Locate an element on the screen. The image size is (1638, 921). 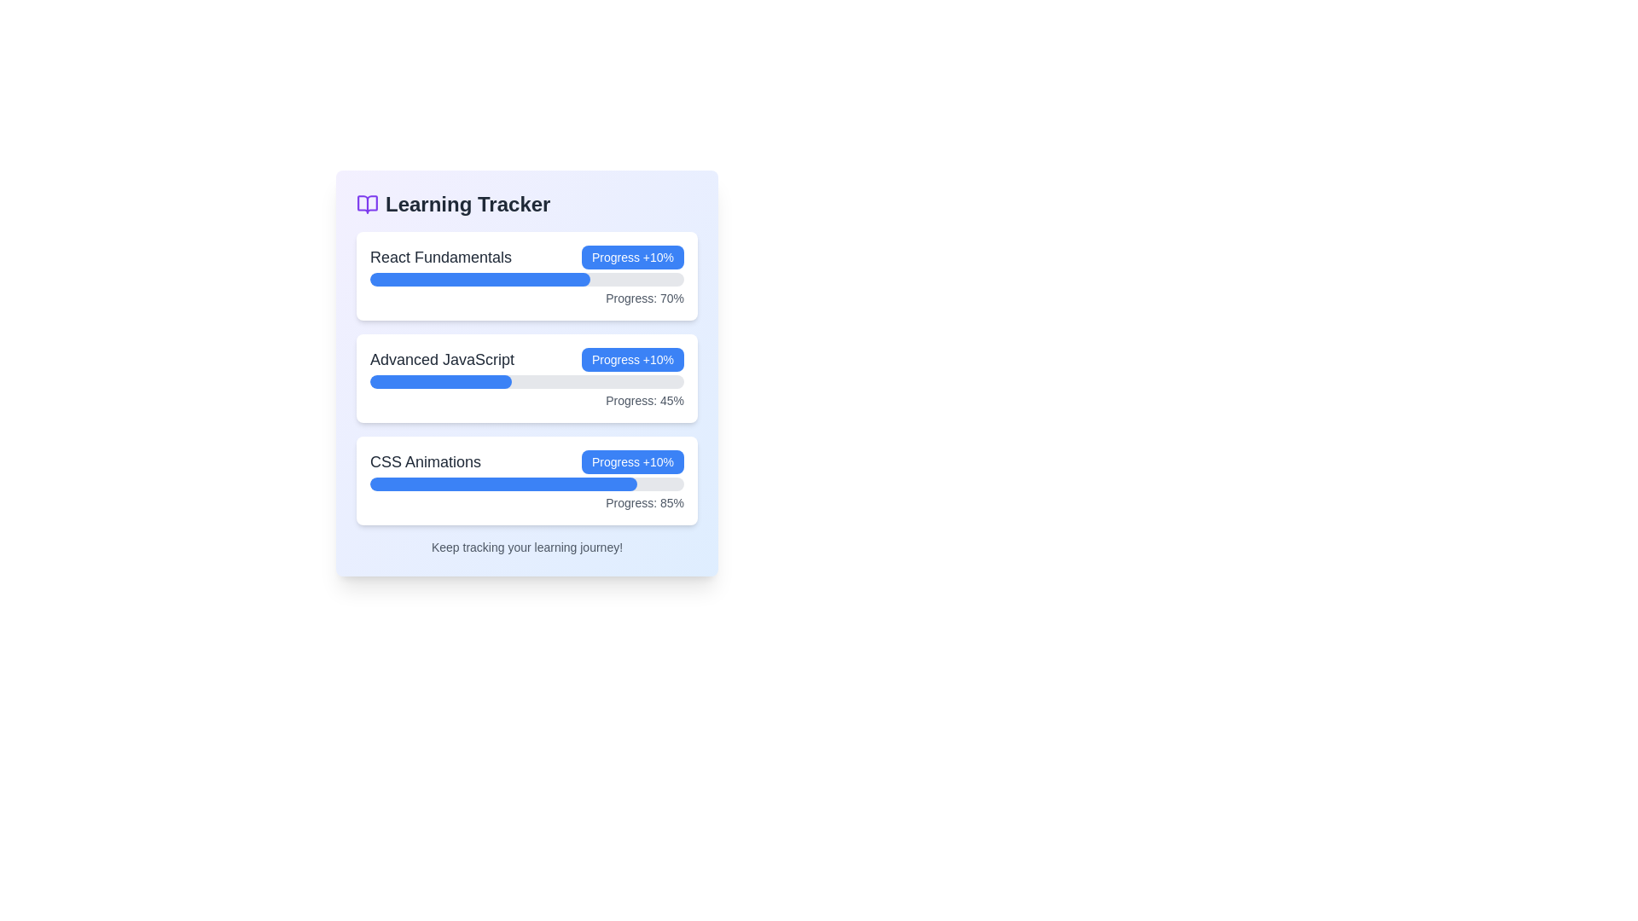
the Text Label located at the top of the card-like structure, which serves as the title for the section following the SVG book icon is located at coordinates (468, 203).